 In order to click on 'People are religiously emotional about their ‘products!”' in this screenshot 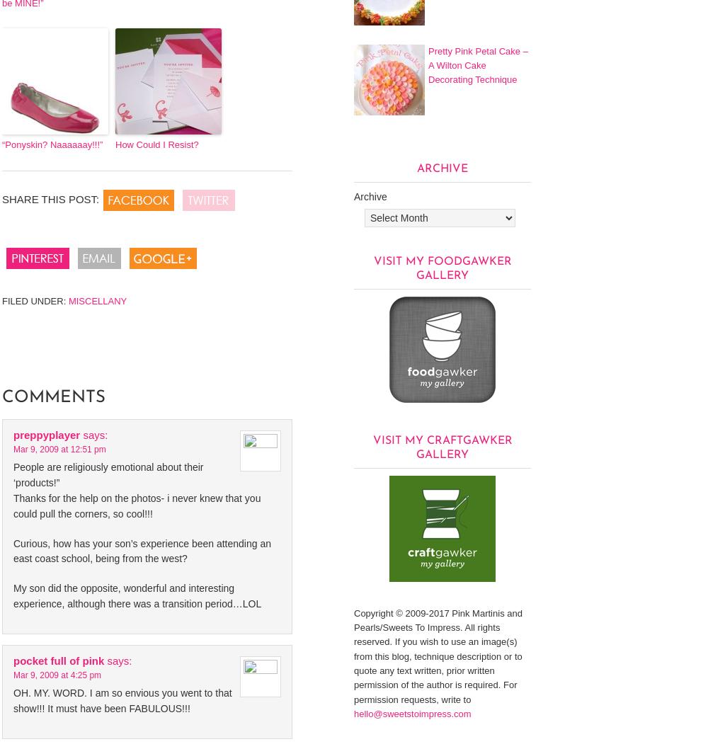, I will do `click(108, 474)`.